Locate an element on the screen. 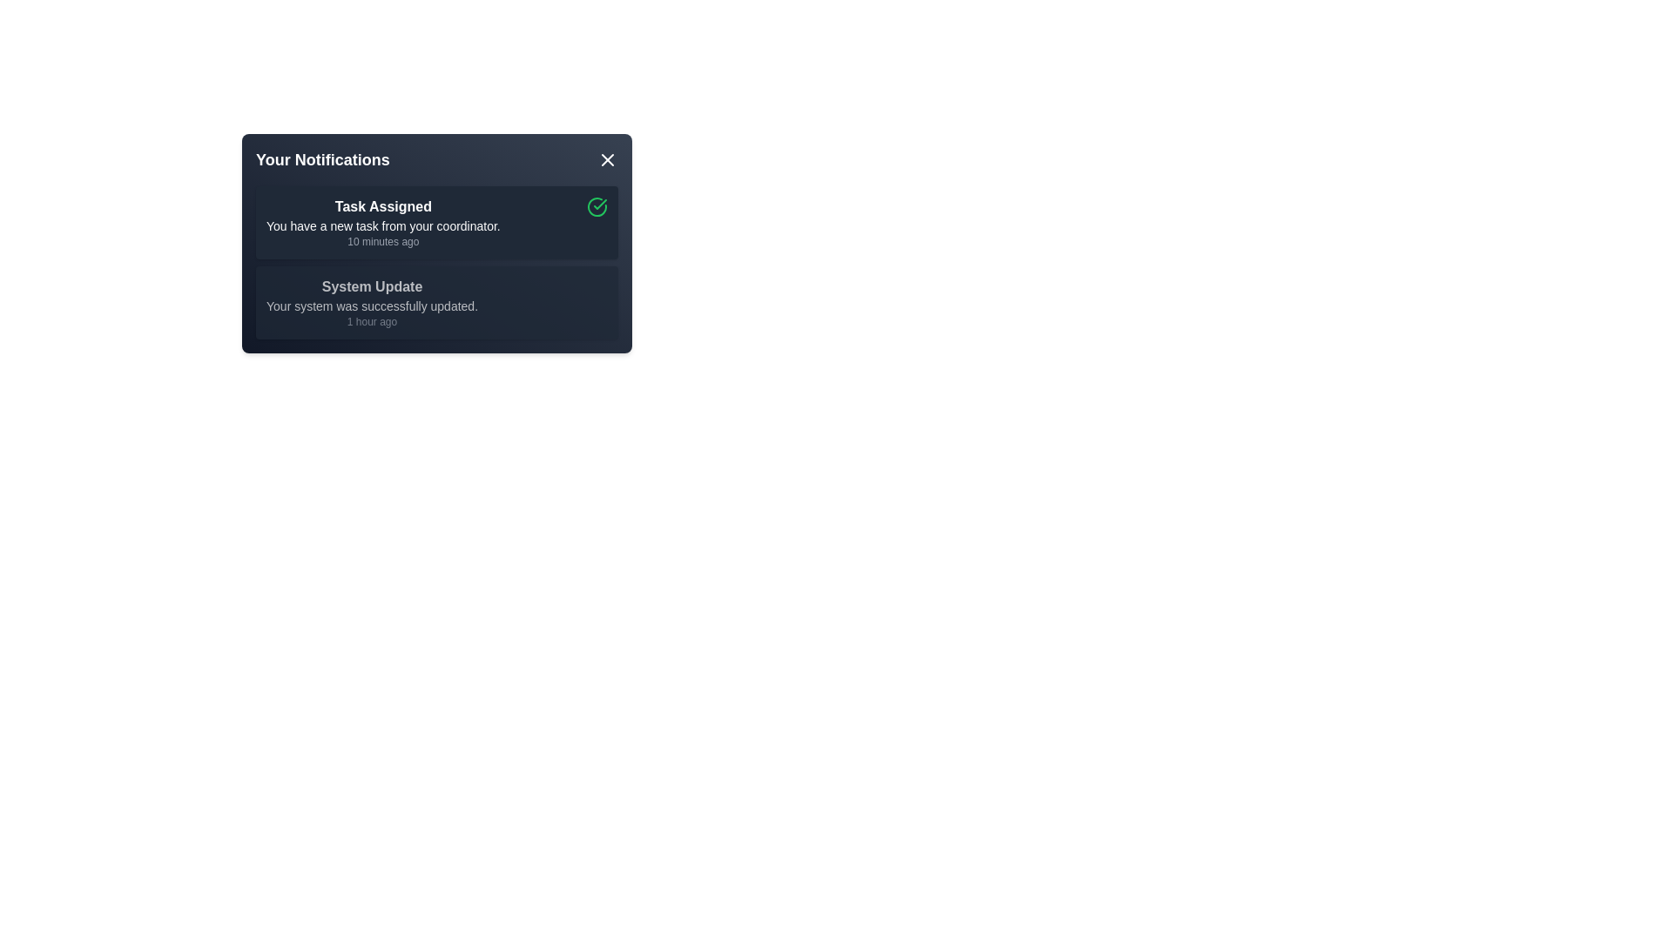  the first notification item titled 'Task Assigned' located in the notification panel under 'Your Notifications' is located at coordinates (382, 221).